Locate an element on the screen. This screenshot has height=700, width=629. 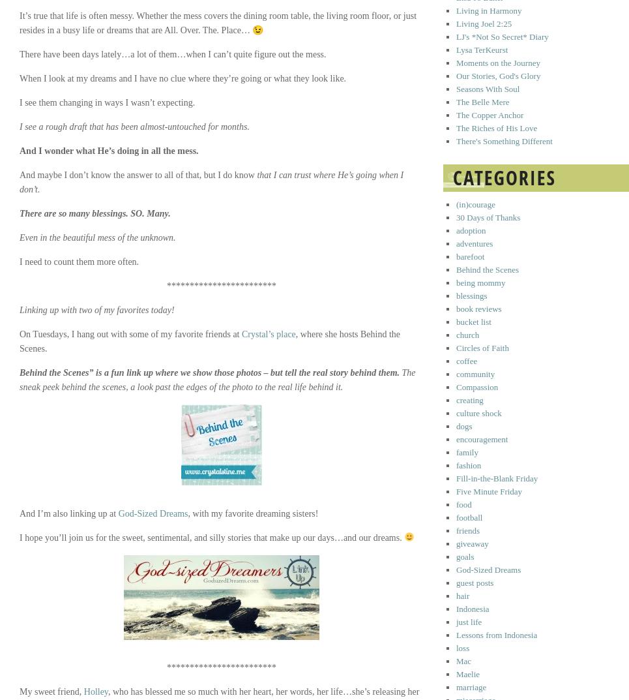
'Behind the Scenes” is a fun link up where we show those photos – but tell the real story behind them.' is located at coordinates (209, 373).